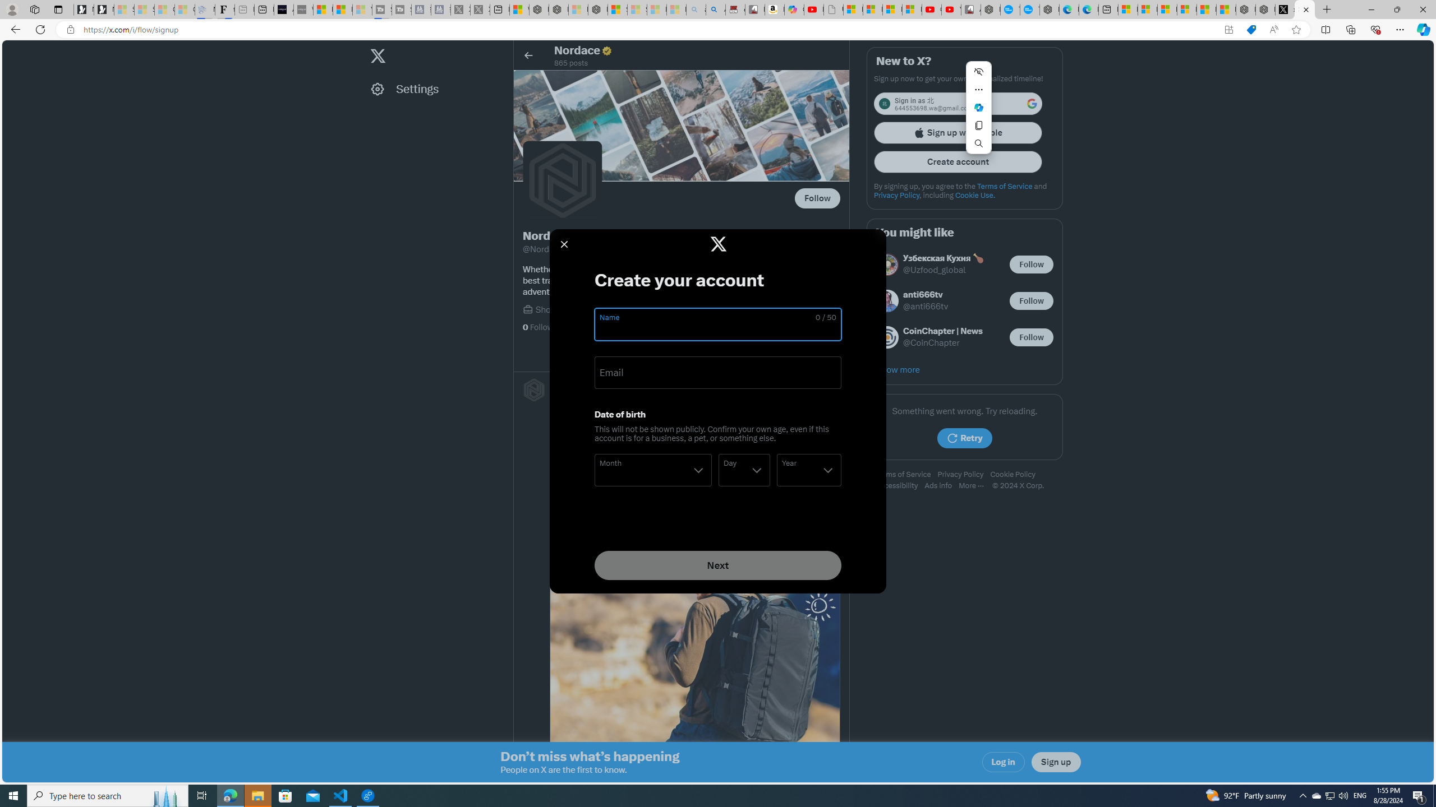  Describe the element at coordinates (978, 89) in the screenshot. I see `'More actions'` at that location.